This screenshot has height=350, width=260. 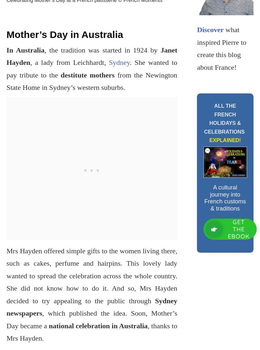 I want to click on 'A cultural journey into French customs & traditions', so click(x=225, y=198).